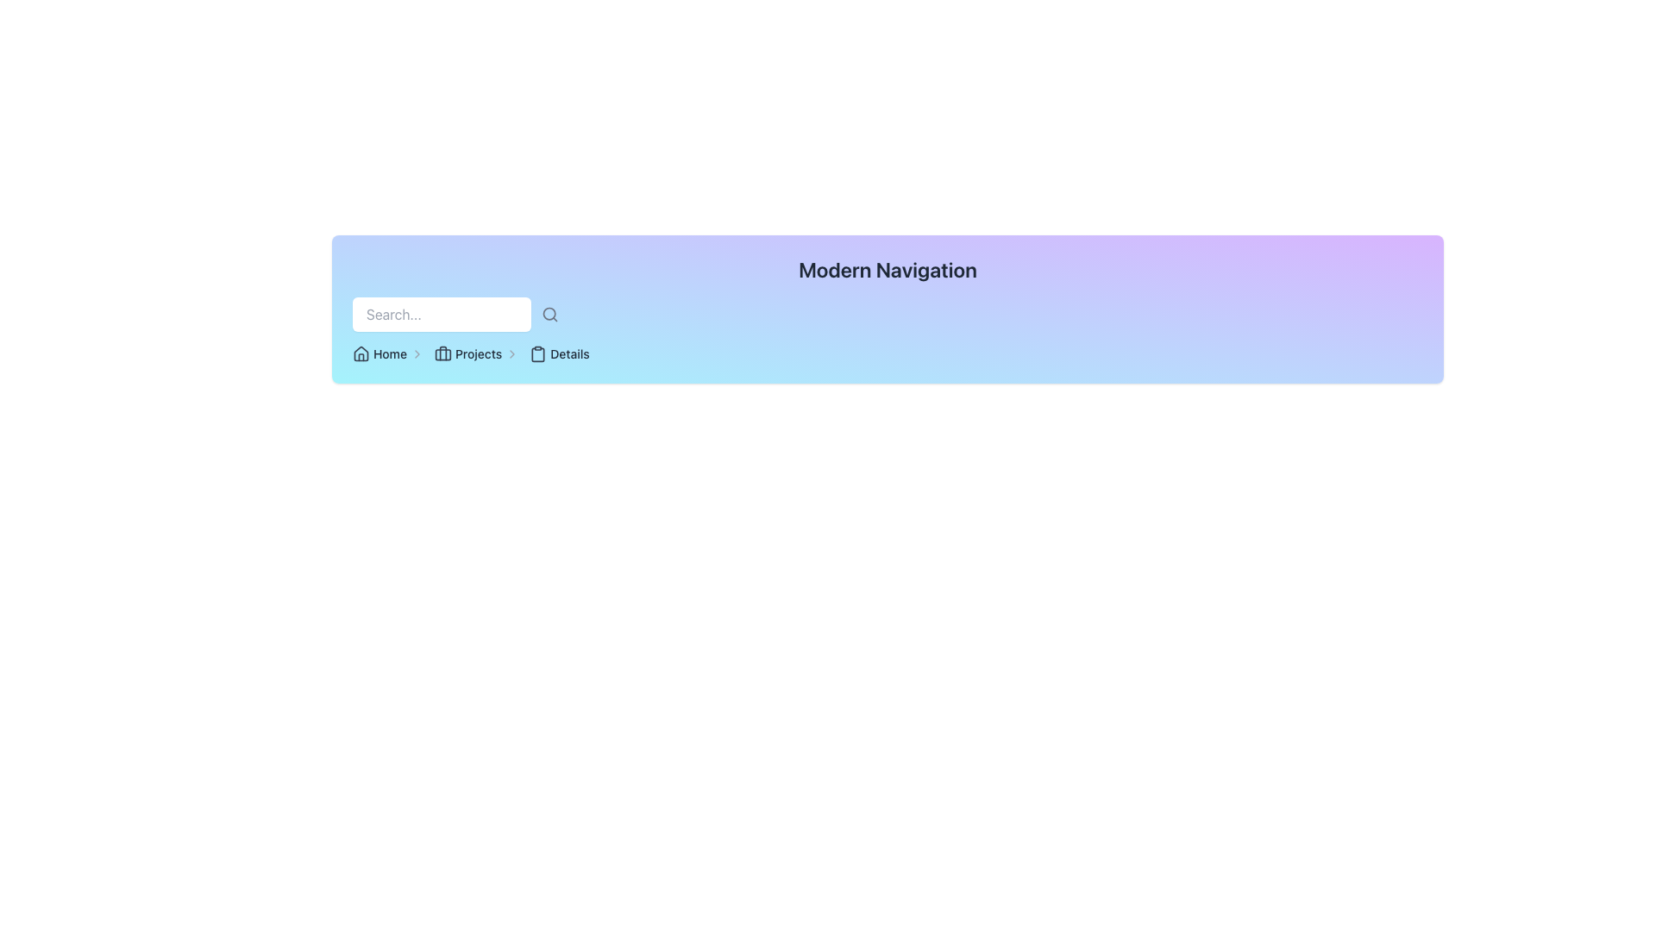 Image resolution: width=1656 pixels, height=931 pixels. Describe the element at coordinates (559, 353) in the screenshot. I see `the Breadcrumb navigation item labeled 'Details' which is styled with a gray clipboard icon and dark gray text` at that location.